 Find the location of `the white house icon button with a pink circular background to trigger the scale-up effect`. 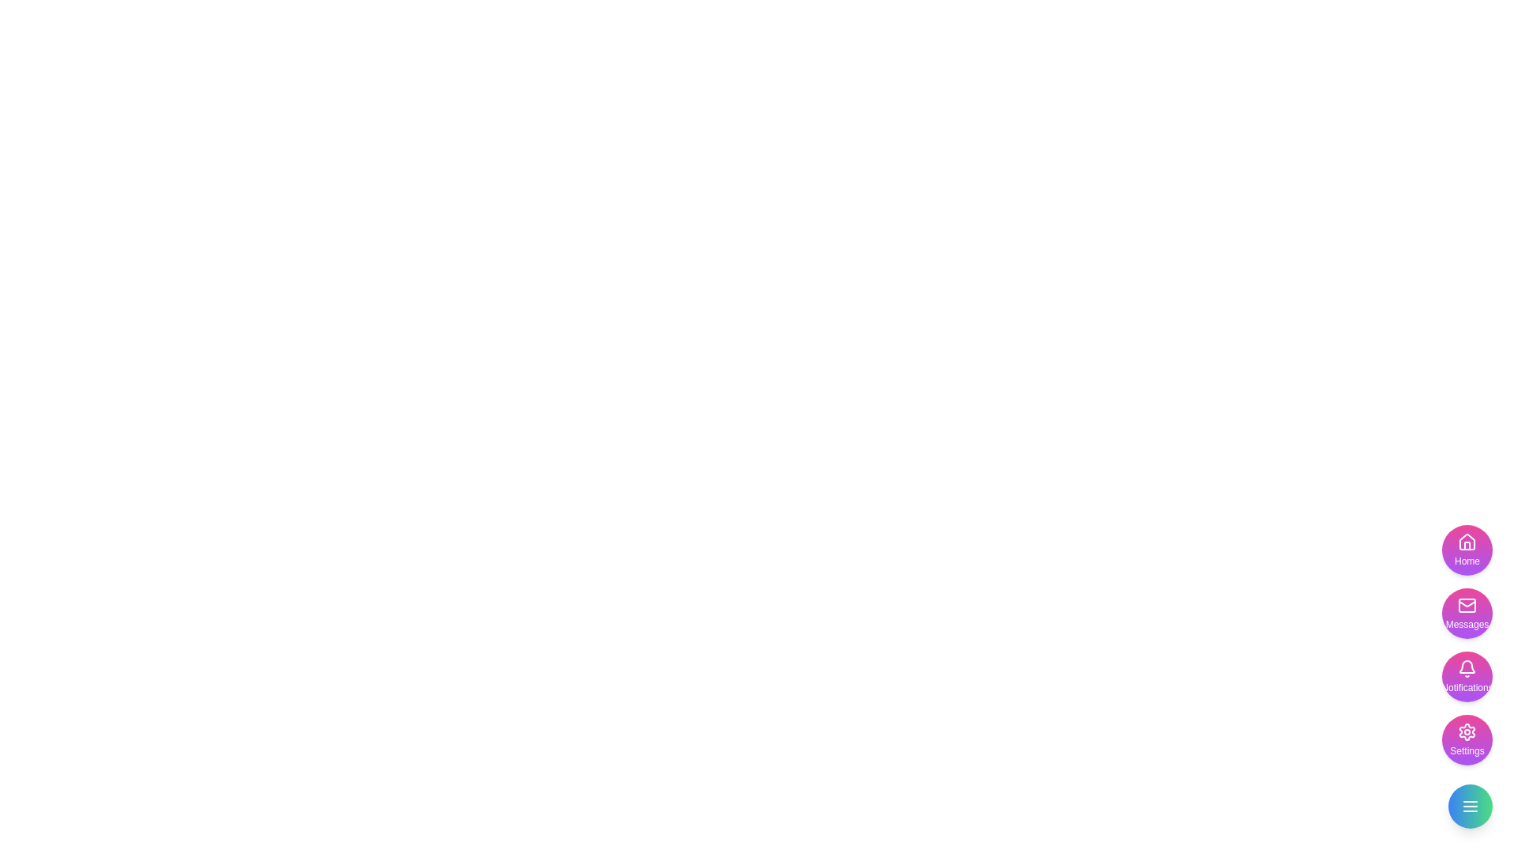

the white house icon button with a pink circular background to trigger the scale-up effect is located at coordinates (1467, 542).